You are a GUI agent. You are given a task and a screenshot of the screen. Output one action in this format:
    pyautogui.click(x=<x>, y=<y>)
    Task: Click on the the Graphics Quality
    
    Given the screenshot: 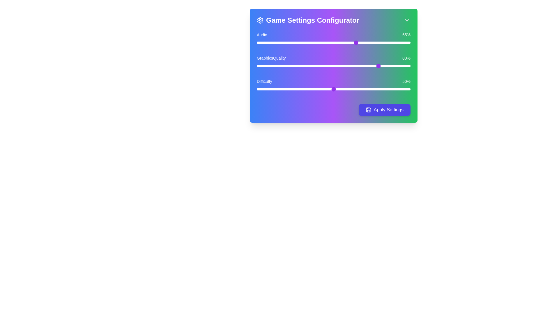 What is the action you would take?
    pyautogui.click(x=356, y=66)
    